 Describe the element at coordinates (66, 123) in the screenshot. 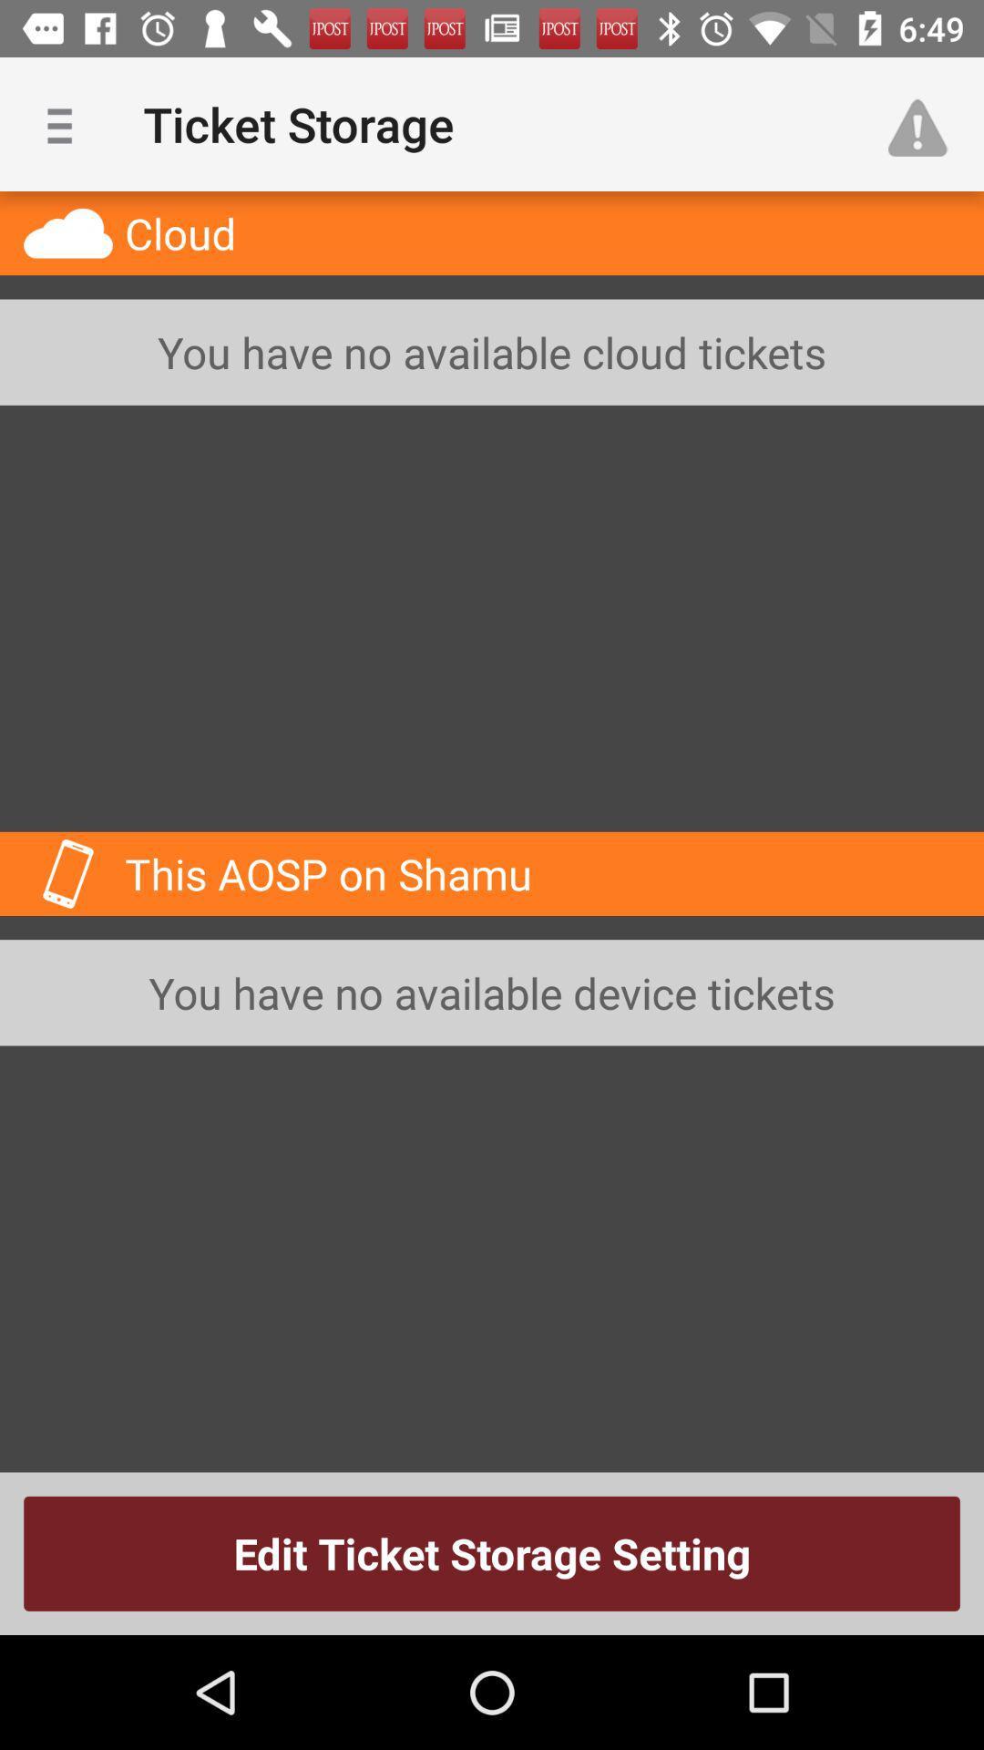

I see `the icon next to ticket storage` at that location.